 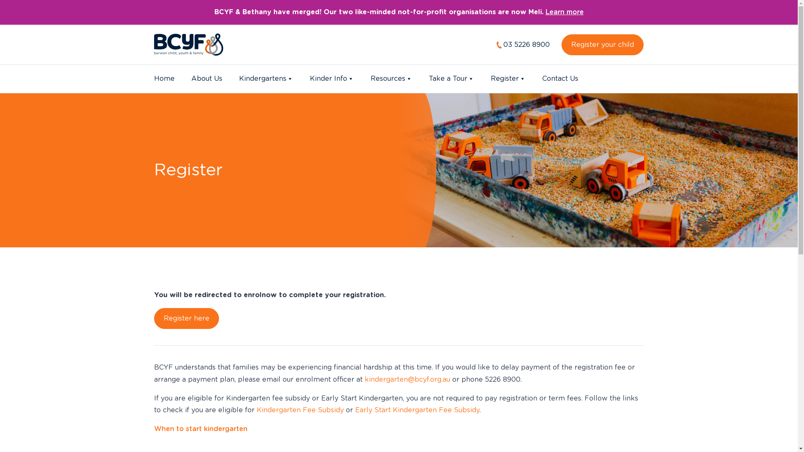 What do you see at coordinates (186, 318) in the screenshot?
I see `'Register here'` at bounding box center [186, 318].